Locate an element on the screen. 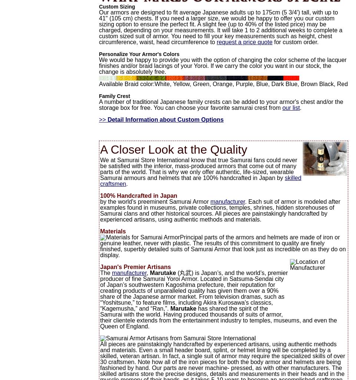 The height and width of the screenshot is (380, 356). 'skilled craftsmen' is located at coordinates (200, 180).